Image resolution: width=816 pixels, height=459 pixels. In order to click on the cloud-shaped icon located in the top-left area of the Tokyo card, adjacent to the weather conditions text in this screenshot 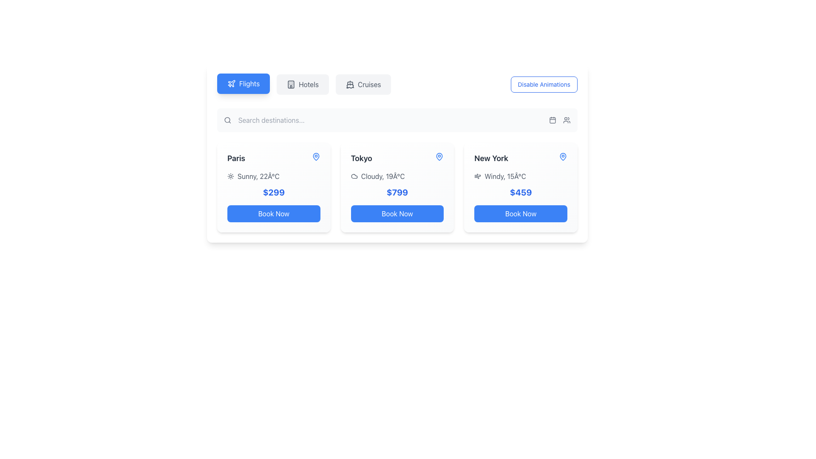, I will do `click(354, 176)`.